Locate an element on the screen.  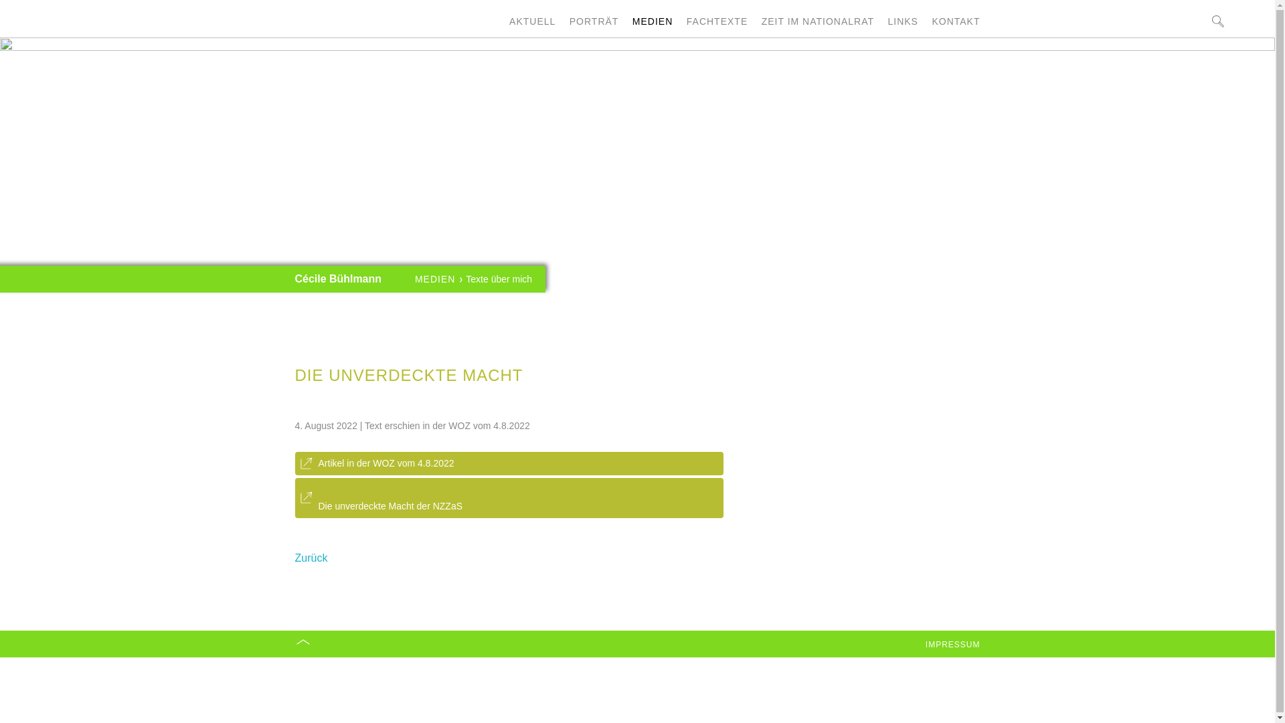
'MEDIEN' is located at coordinates (434, 278).